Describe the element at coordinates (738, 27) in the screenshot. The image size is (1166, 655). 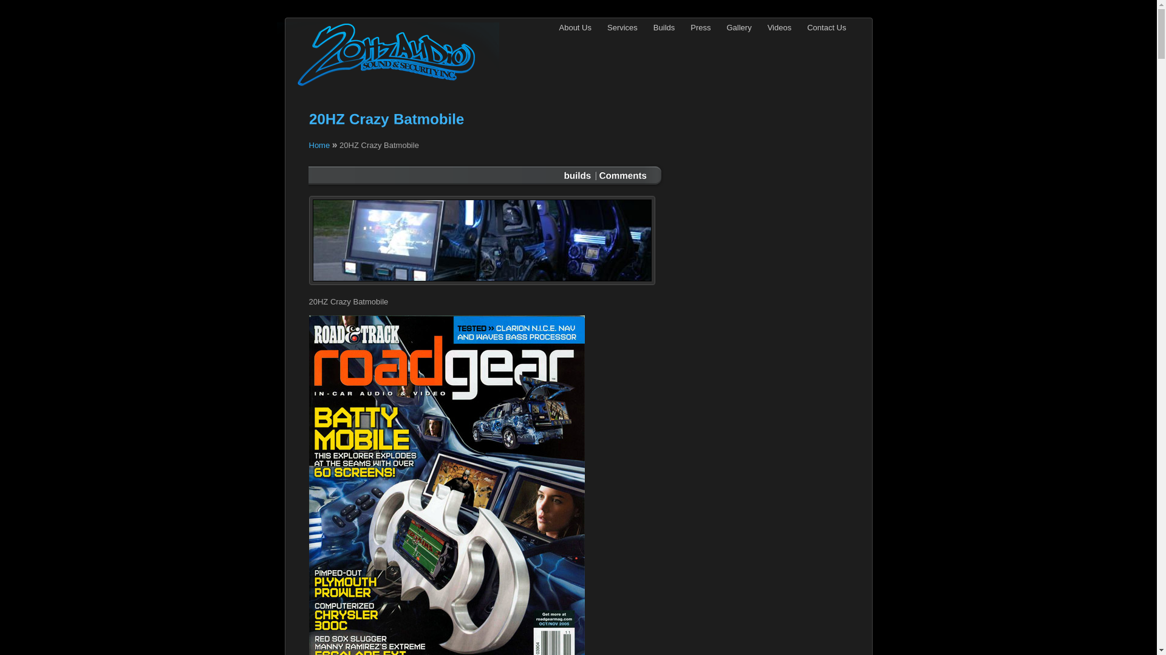
I see `'Gallery'` at that location.